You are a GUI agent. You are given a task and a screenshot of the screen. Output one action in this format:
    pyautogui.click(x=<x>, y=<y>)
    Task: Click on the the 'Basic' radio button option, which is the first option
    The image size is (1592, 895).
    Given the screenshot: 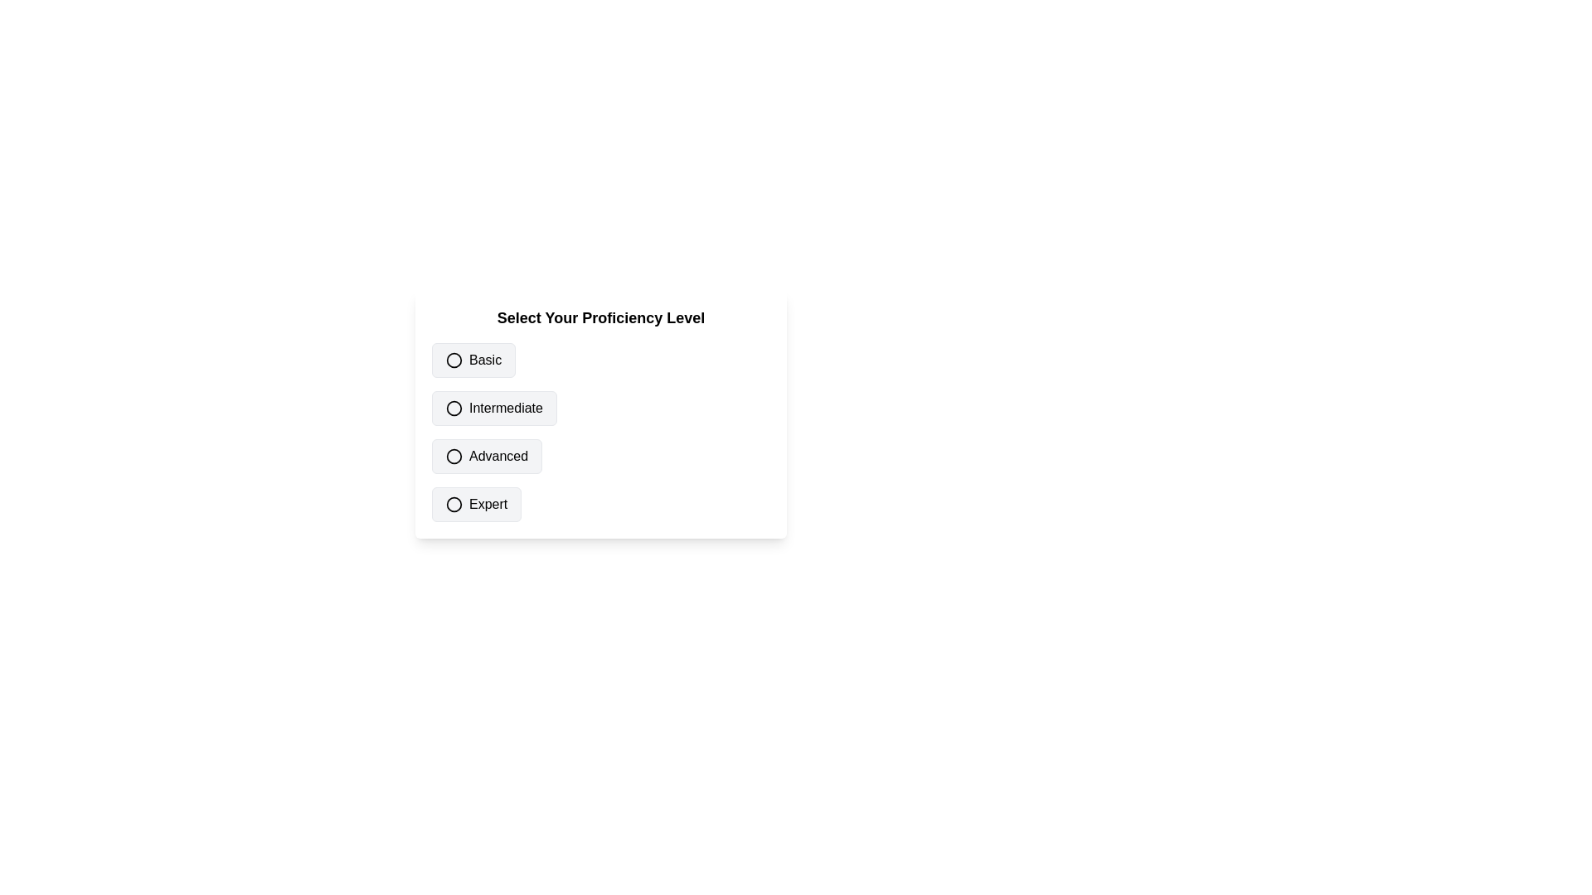 What is the action you would take?
    pyautogui.click(x=473, y=360)
    